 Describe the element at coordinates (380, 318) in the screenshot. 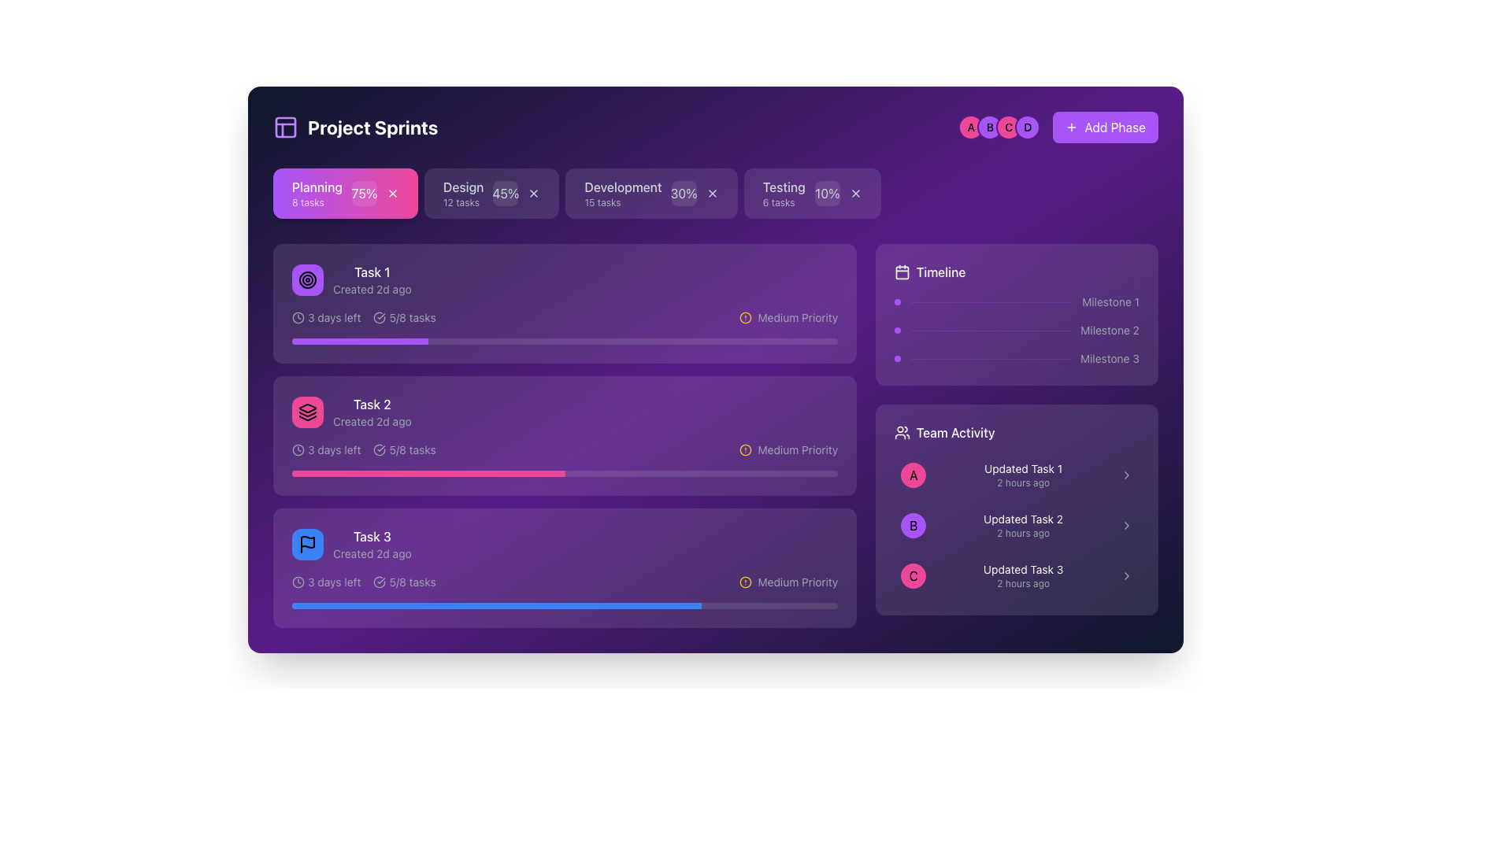

I see `the Circular status indicator icon located near the 'Task 1' label for assistive technologies` at that location.